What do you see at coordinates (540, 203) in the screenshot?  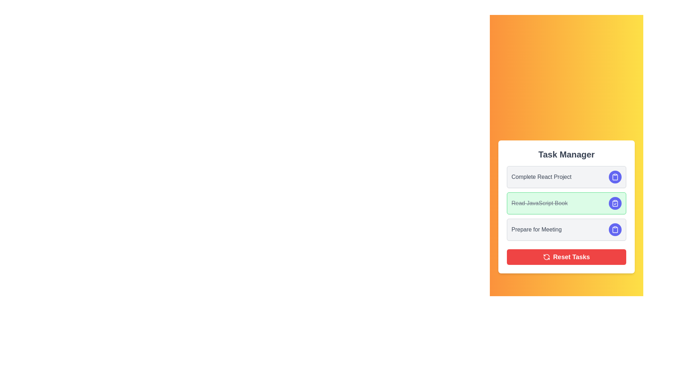 I see `the text label displaying 'Read JavaScript Book' with strikethrough styling, indicating a completed state, within the Task Manager` at bounding box center [540, 203].